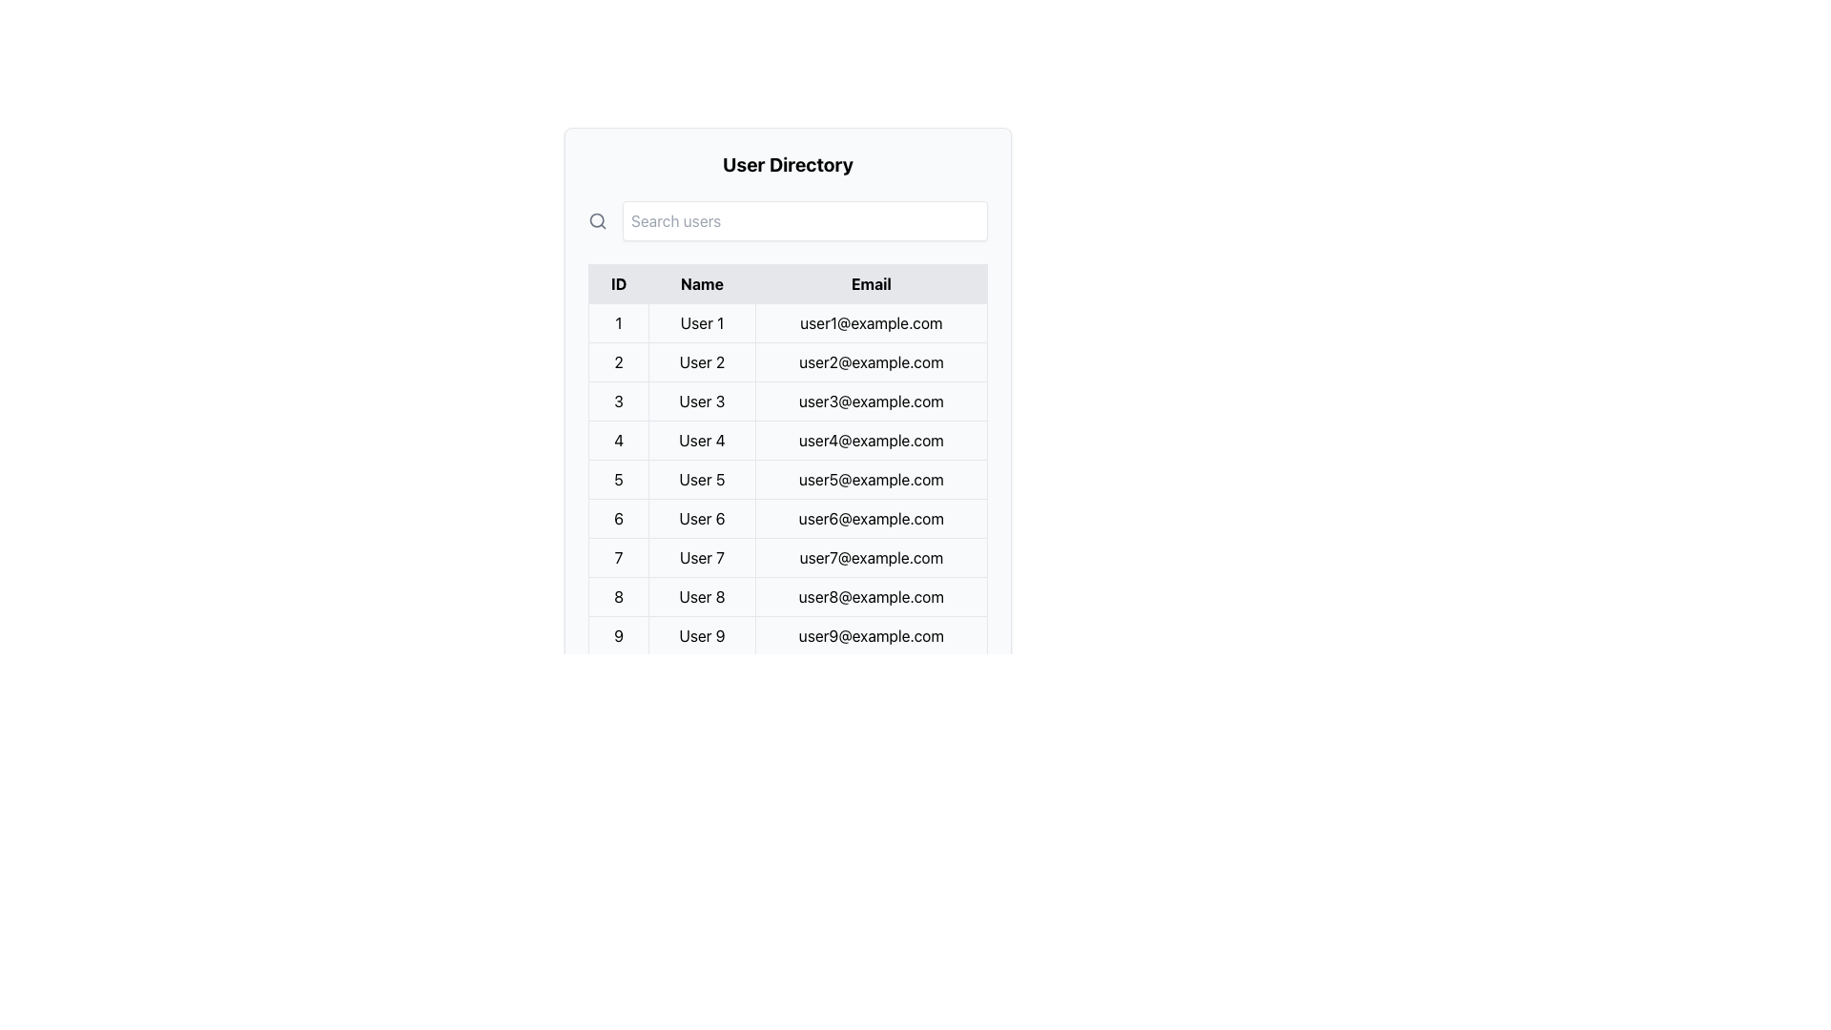 Image resolution: width=1831 pixels, height=1030 pixels. What do you see at coordinates (870, 518) in the screenshot?
I see `the text element displaying the email 'user6@example.com' located in the sixth row of the table under the 'Email' column` at bounding box center [870, 518].